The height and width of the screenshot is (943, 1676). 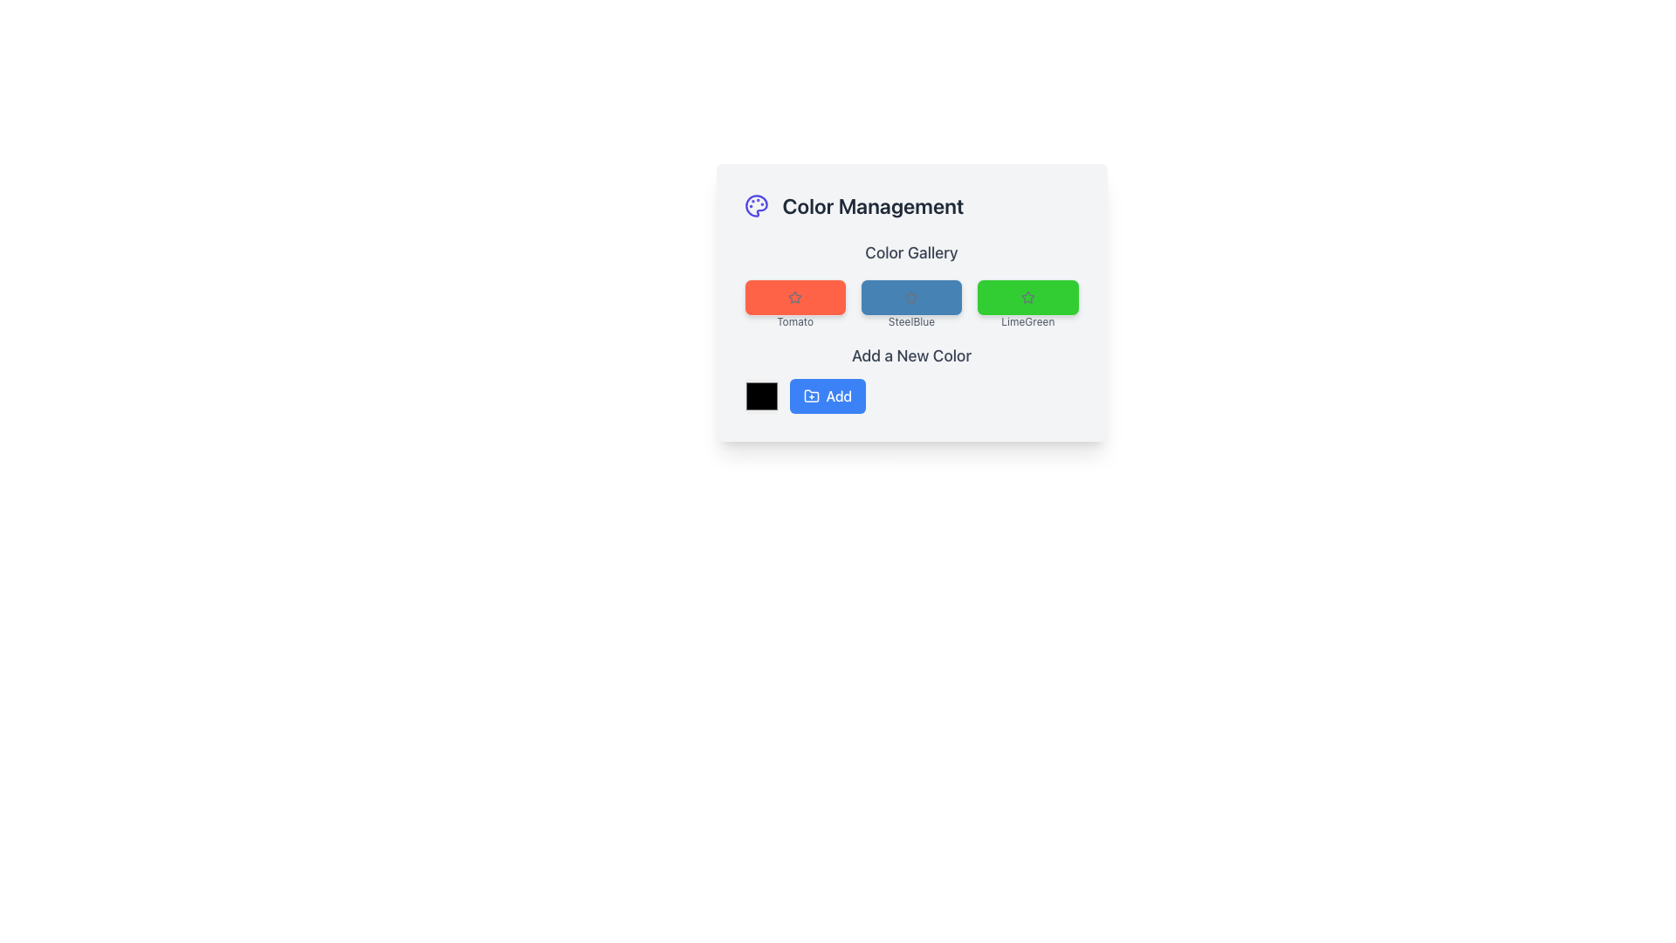 I want to click on the leftmost color picker input control, so click(x=761, y=396).